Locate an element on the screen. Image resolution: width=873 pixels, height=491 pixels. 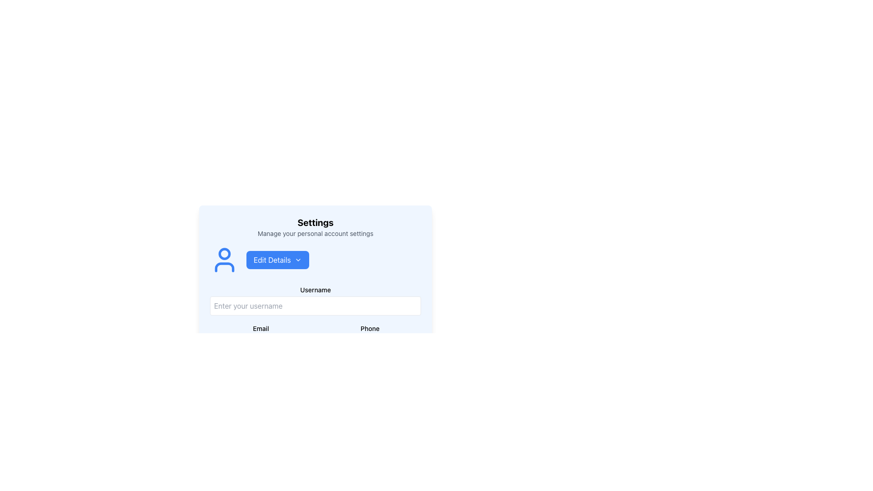
the subtitle text that provides an explanation for the settings section, located directly below the bold 'Settings' title is located at coordinates (316, 233).